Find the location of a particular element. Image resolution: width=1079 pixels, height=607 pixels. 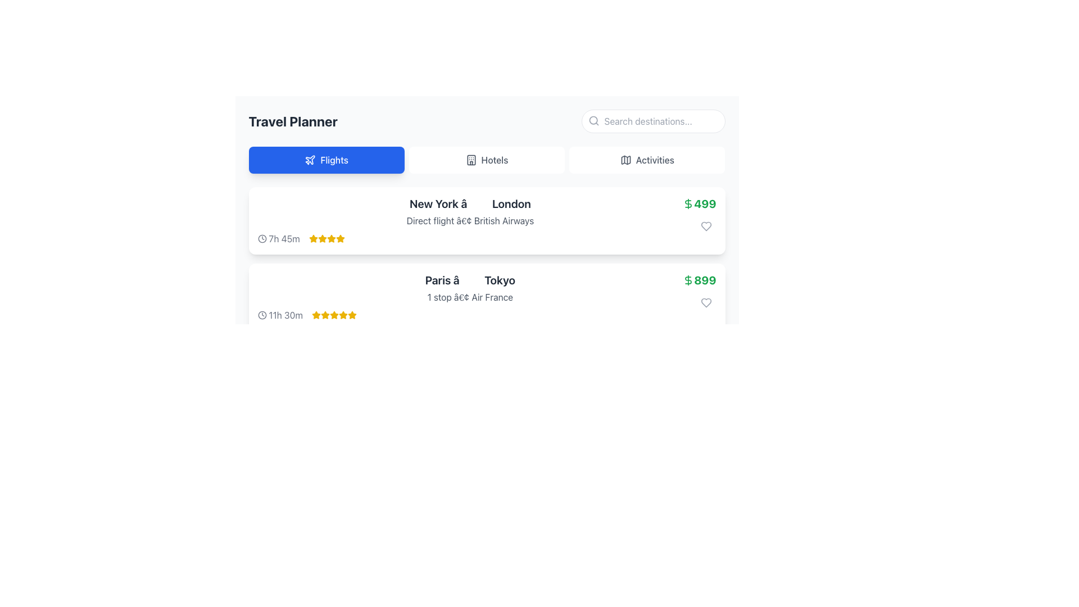

the filled yellow star-shaped icon, which is the fifth in a row of five stars indicating flight details for 'Paris to Tokyo.' is located at coordinates (343, 315).